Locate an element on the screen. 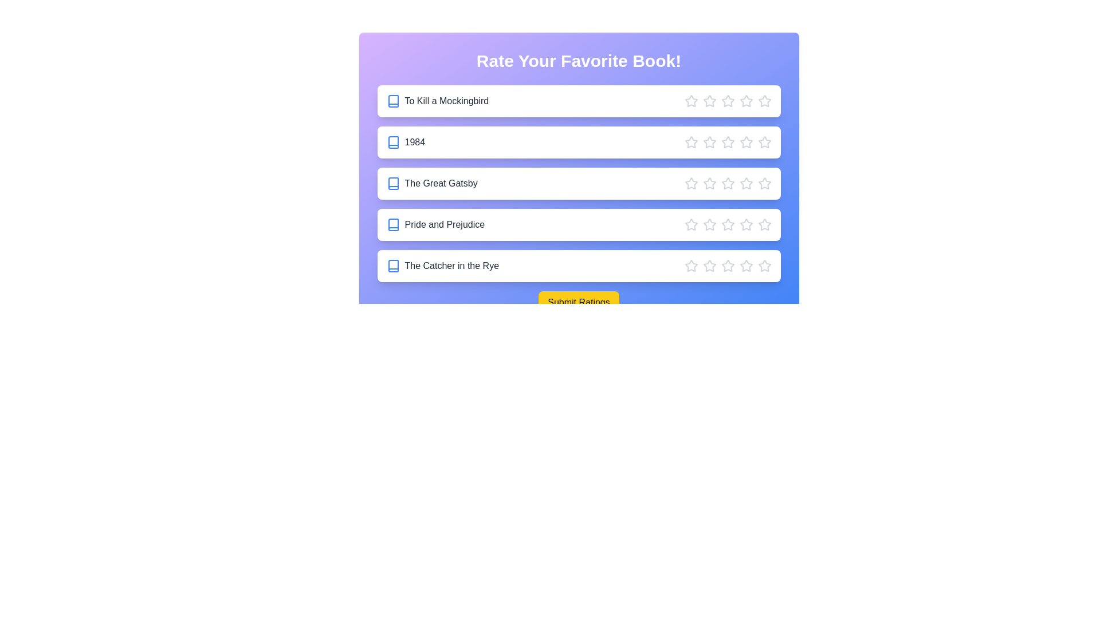  the star corresponding to 4 stars for the book The Great Gatsby is located at coordinates (746, 183).